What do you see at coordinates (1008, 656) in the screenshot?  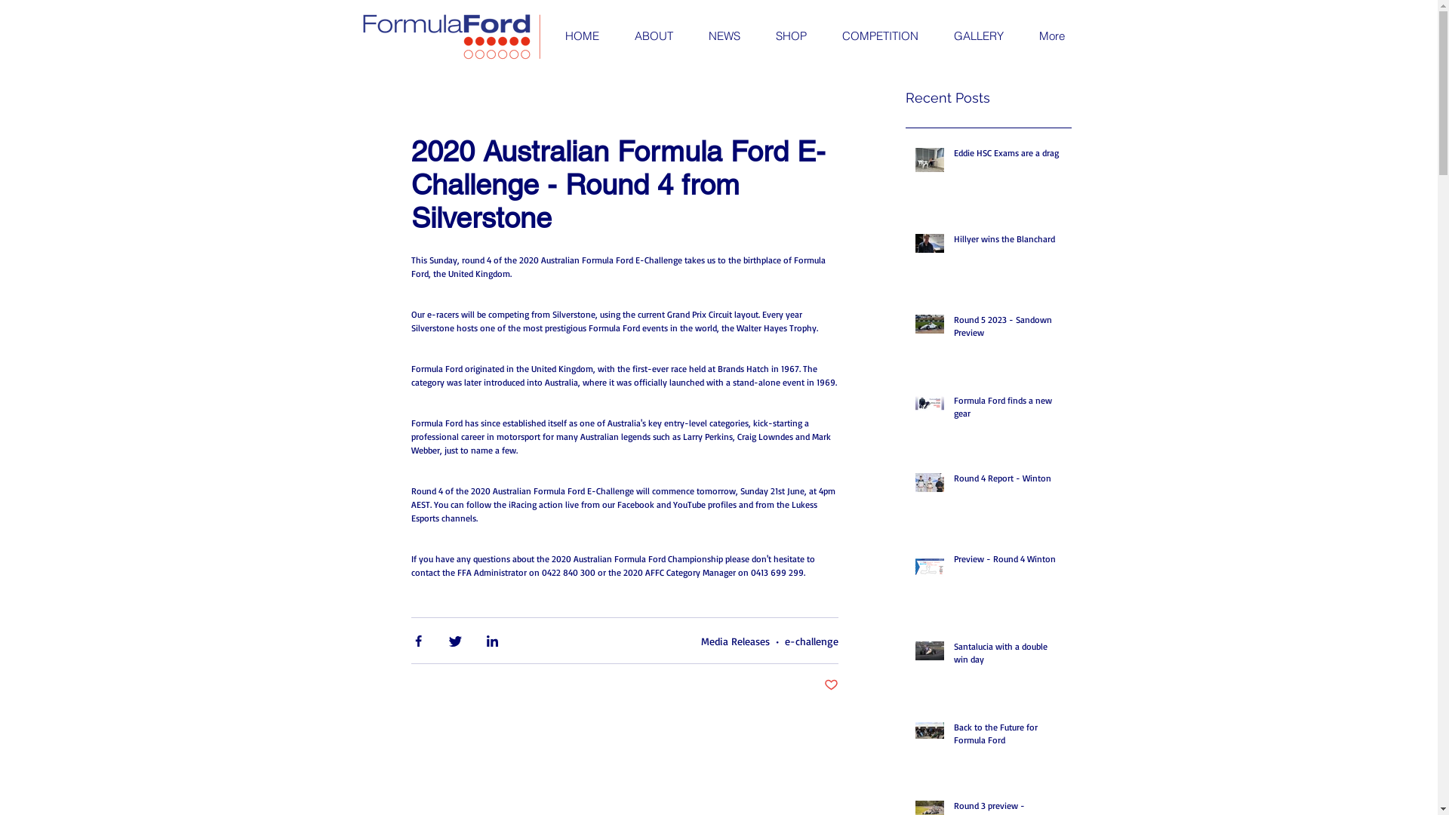 I see `'Santalucia with a double win day'` at bounding box center [1008, 656].